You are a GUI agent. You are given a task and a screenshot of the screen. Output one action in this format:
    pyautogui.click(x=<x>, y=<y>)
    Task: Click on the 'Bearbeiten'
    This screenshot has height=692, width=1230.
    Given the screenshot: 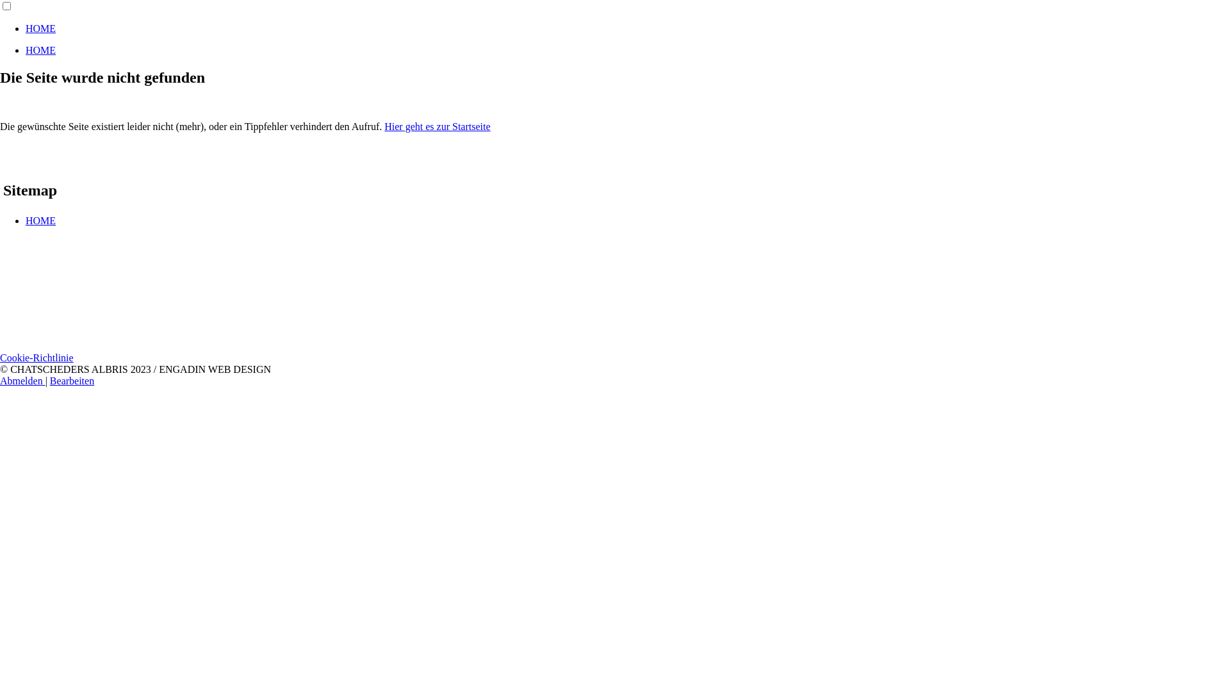 What is the action you would take?
    pyautogui.click(x=71, y=380)
    